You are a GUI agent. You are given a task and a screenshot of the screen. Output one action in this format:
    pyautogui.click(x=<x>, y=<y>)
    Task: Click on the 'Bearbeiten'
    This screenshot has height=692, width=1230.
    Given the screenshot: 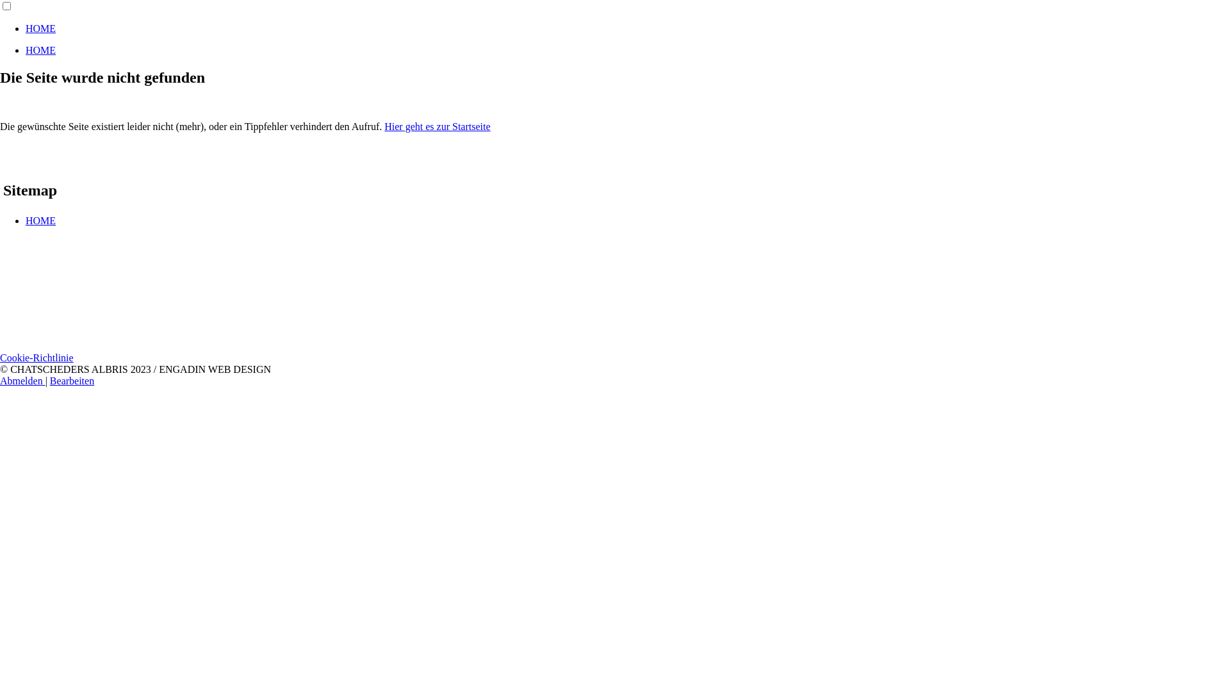 What is the action you would take?
    pyautogui.click(x=71, y=380)
    